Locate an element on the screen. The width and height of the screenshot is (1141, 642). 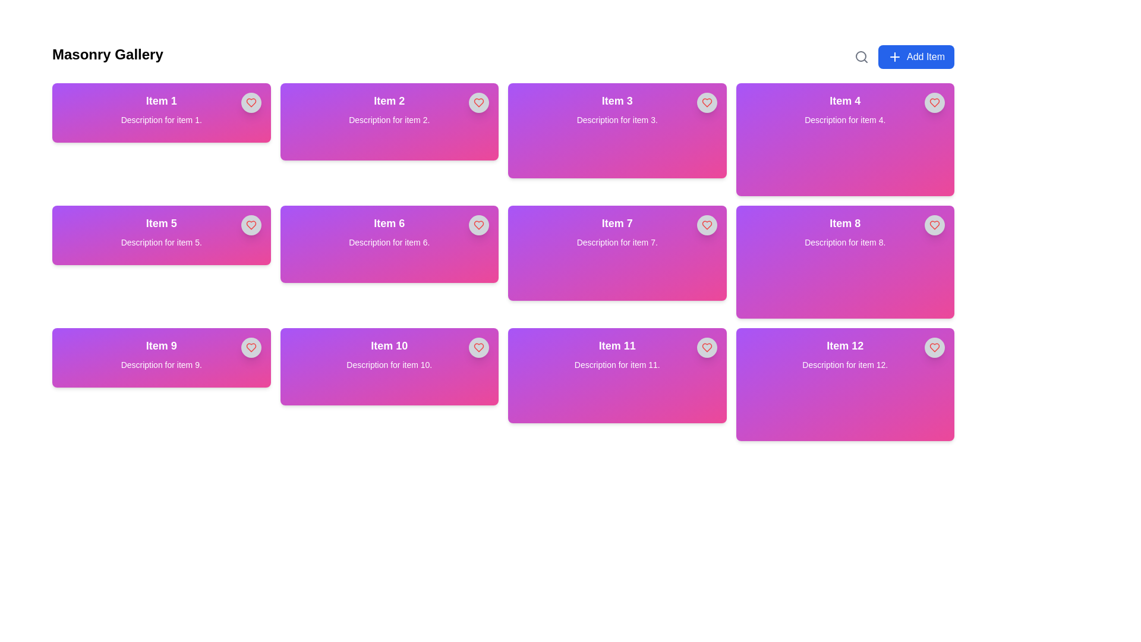
text content of the bold text label displaying 'Item 12', which is prominently visible on a gradient pink-purple background in the last column of the fourth row of the masonry grid layout is located at coordinates (844, 346).